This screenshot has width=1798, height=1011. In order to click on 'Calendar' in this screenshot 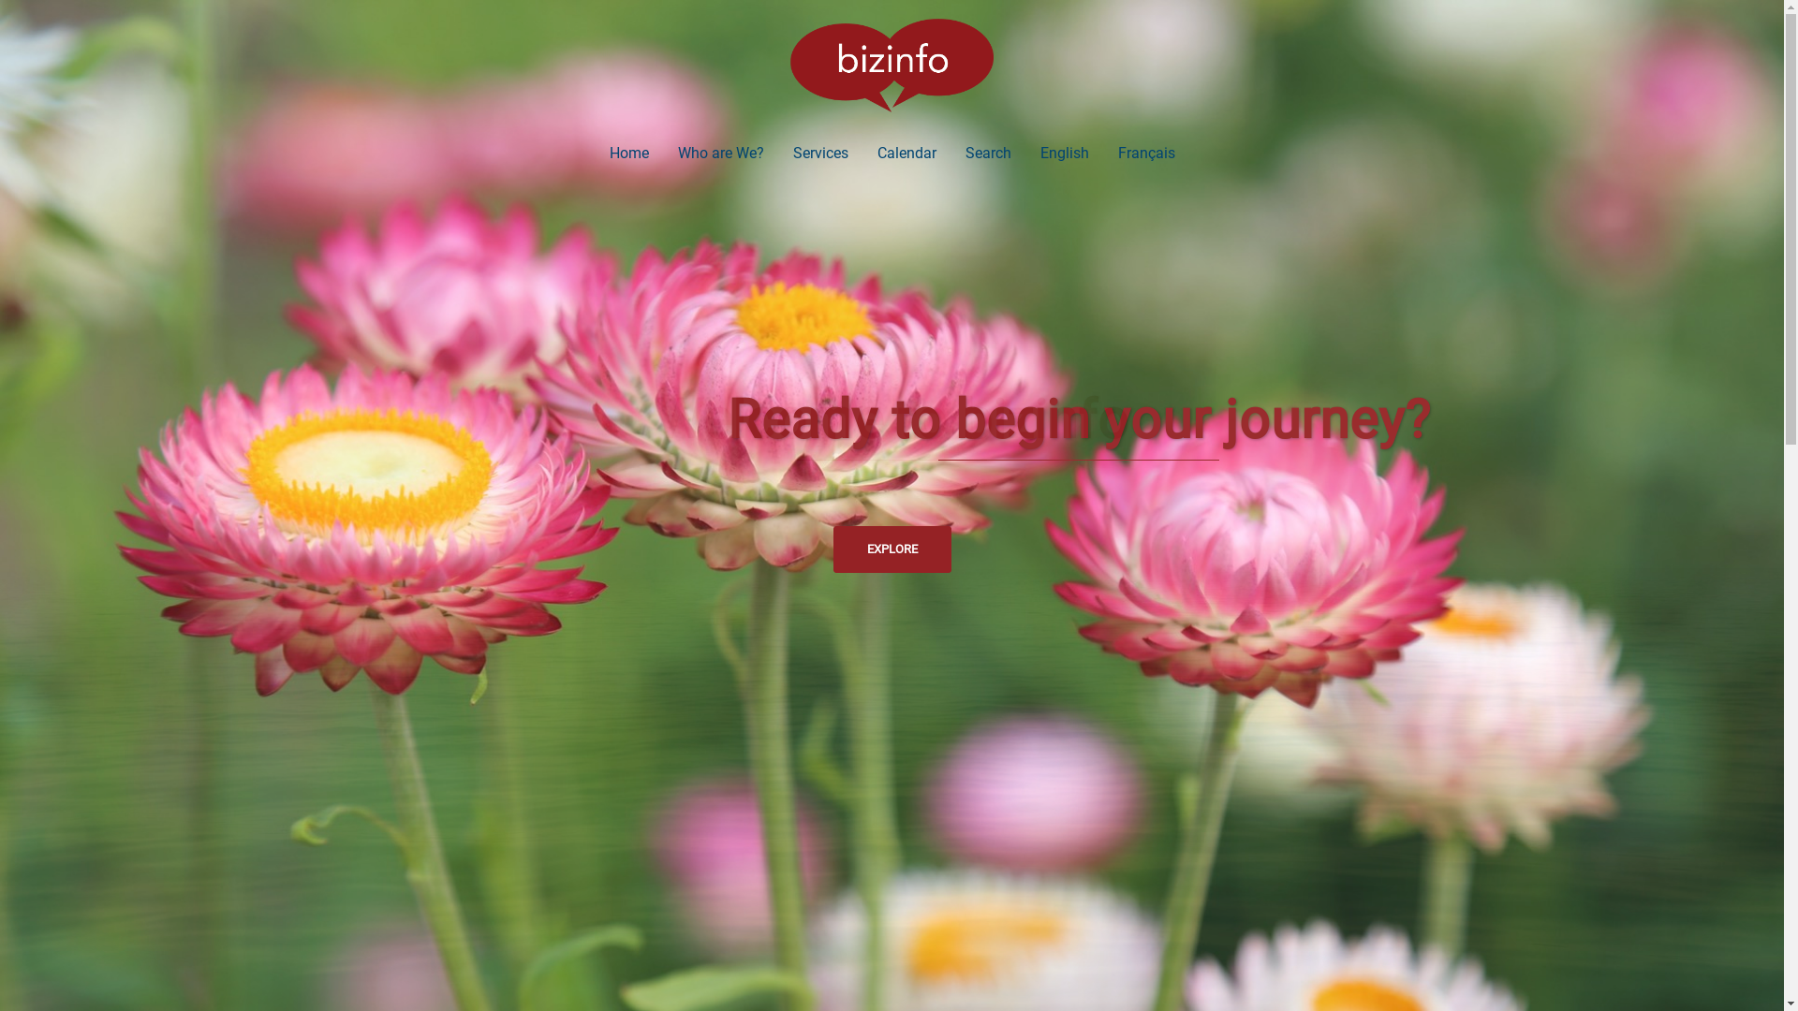, I will do `click(906, 152)`.